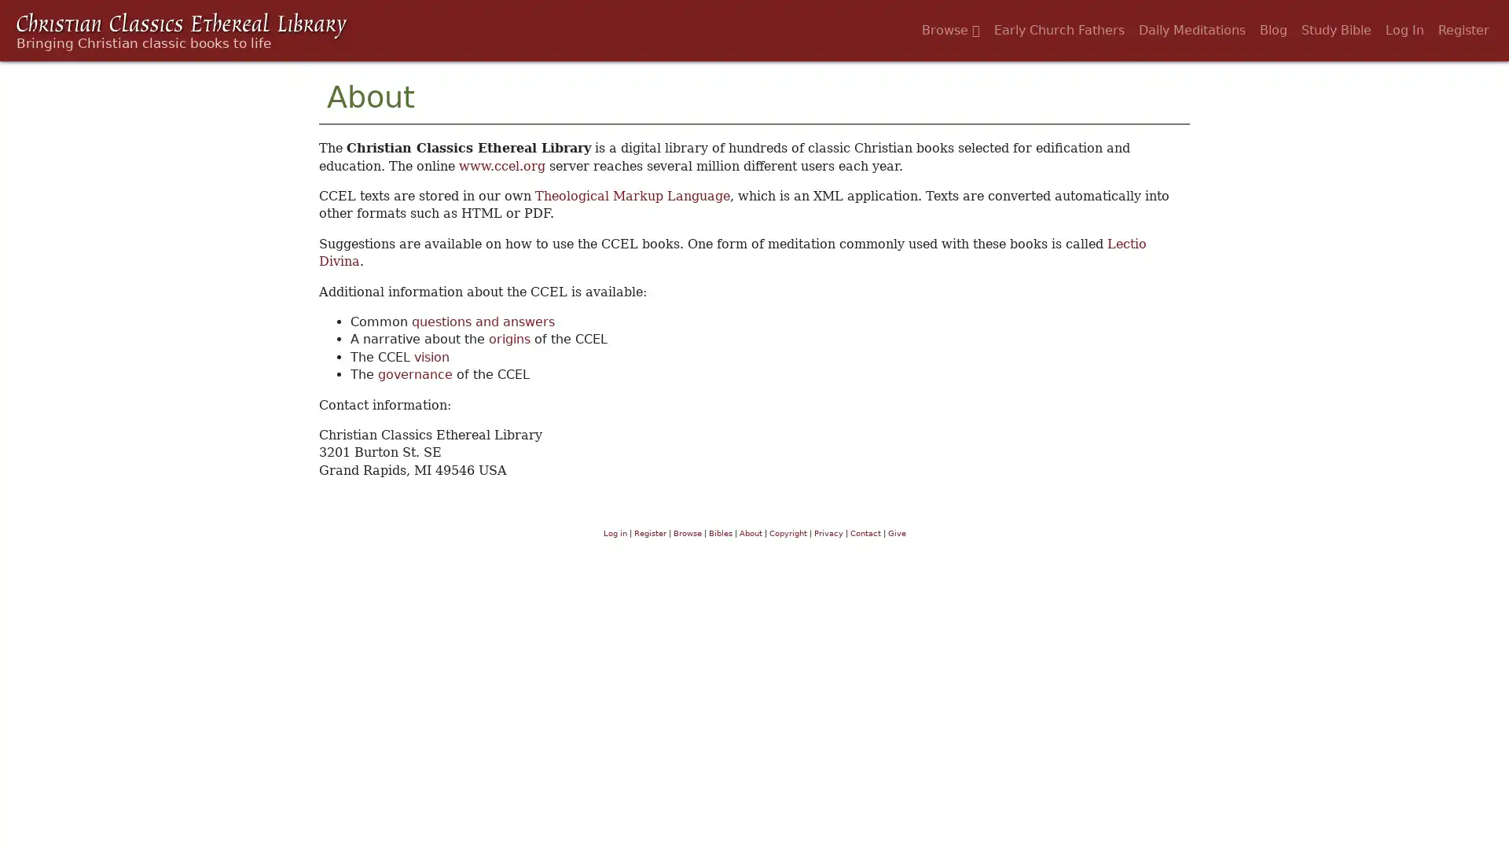 The width and height of the screenshot is (1509, 849). Describe the element at coordinates (1404, 30) in the screenshot. I see `Log In` at that location.